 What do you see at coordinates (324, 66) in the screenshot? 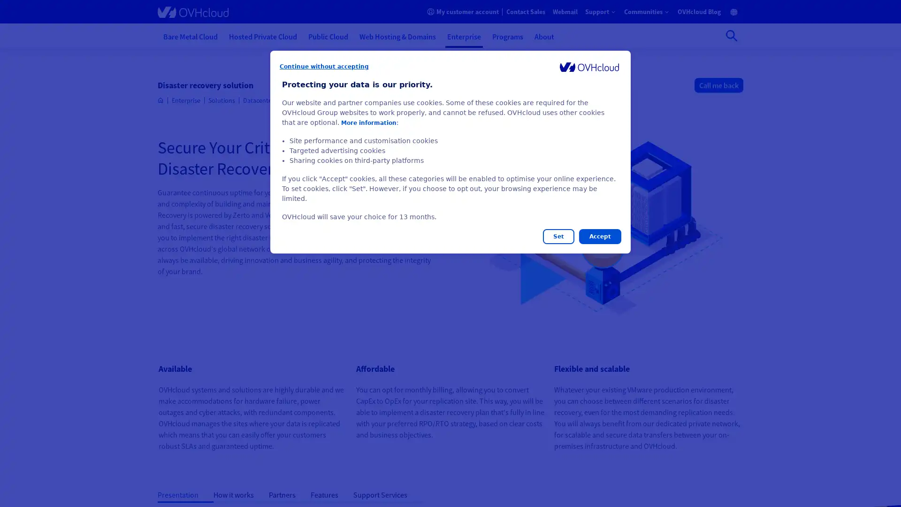
I see `Continue without accepting` at bounding box center [324, 66].